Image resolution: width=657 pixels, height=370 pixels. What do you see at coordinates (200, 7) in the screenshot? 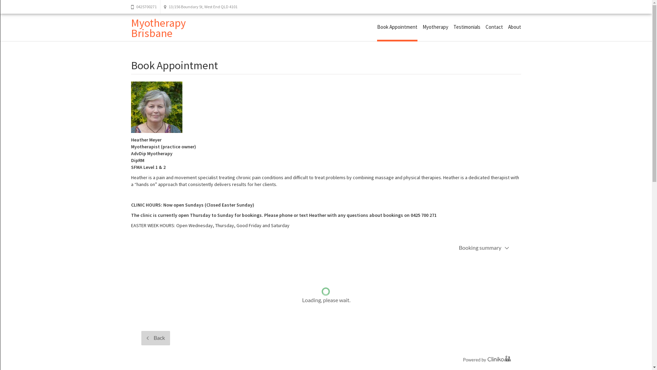
I see `'13/156 Boundary St, West End QLD 4101'` at bounding box center [200, 7].